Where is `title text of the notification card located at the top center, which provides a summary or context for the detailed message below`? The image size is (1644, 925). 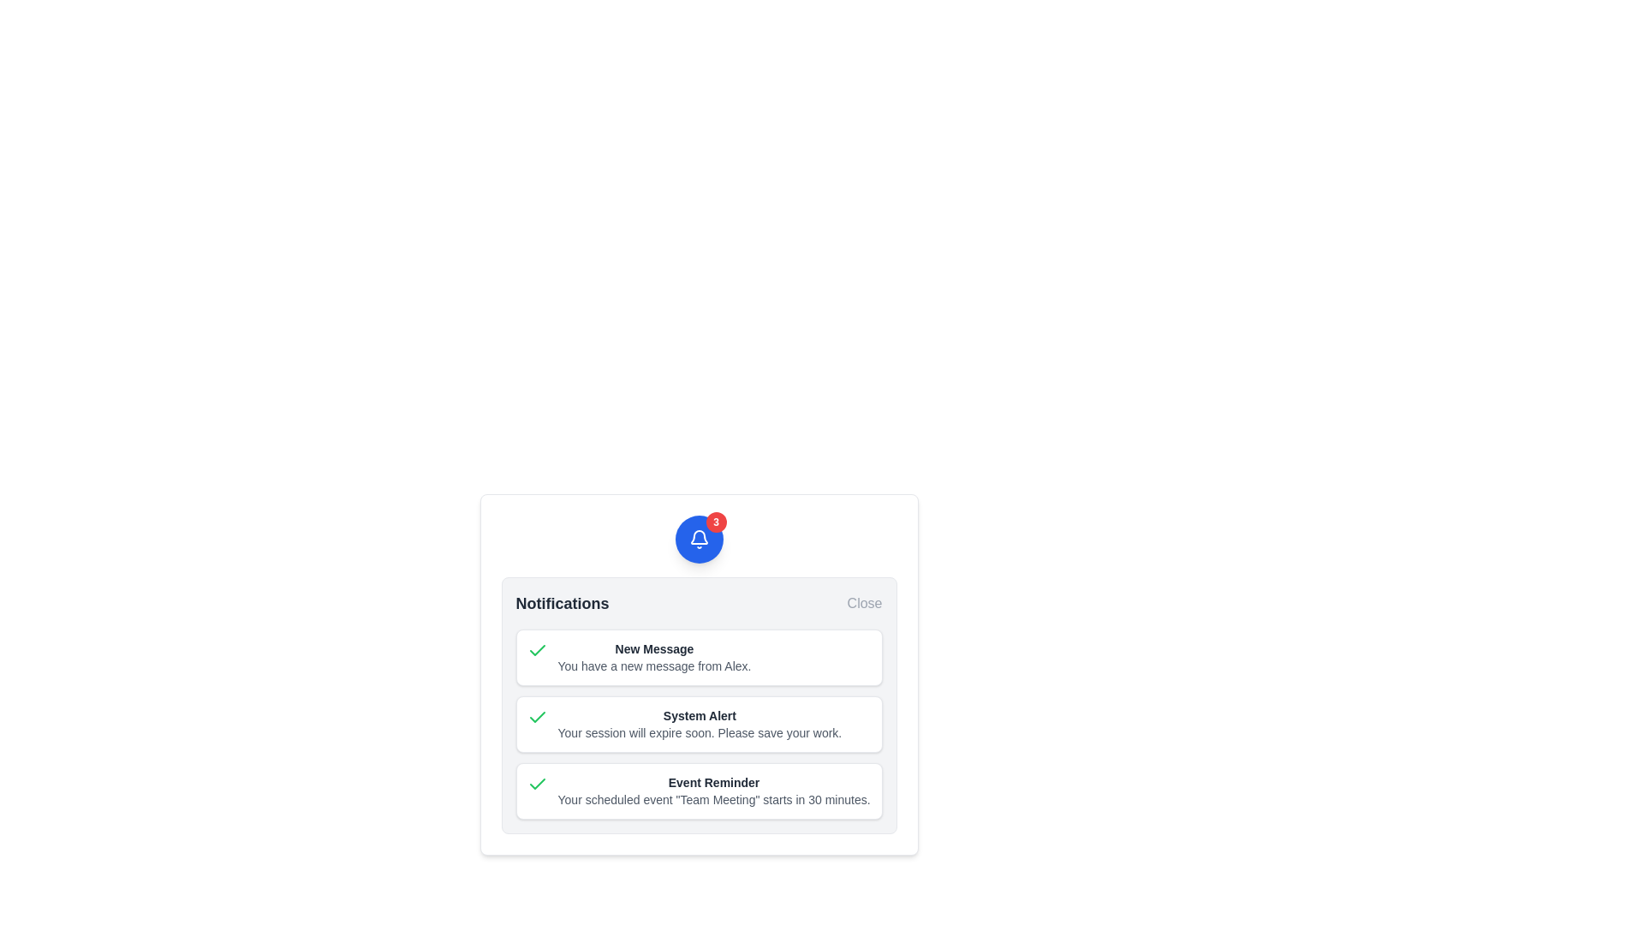
title text of the notification card located at the top center, which provides a summary or context for the detailed message below is located at coordinates (700, 716).